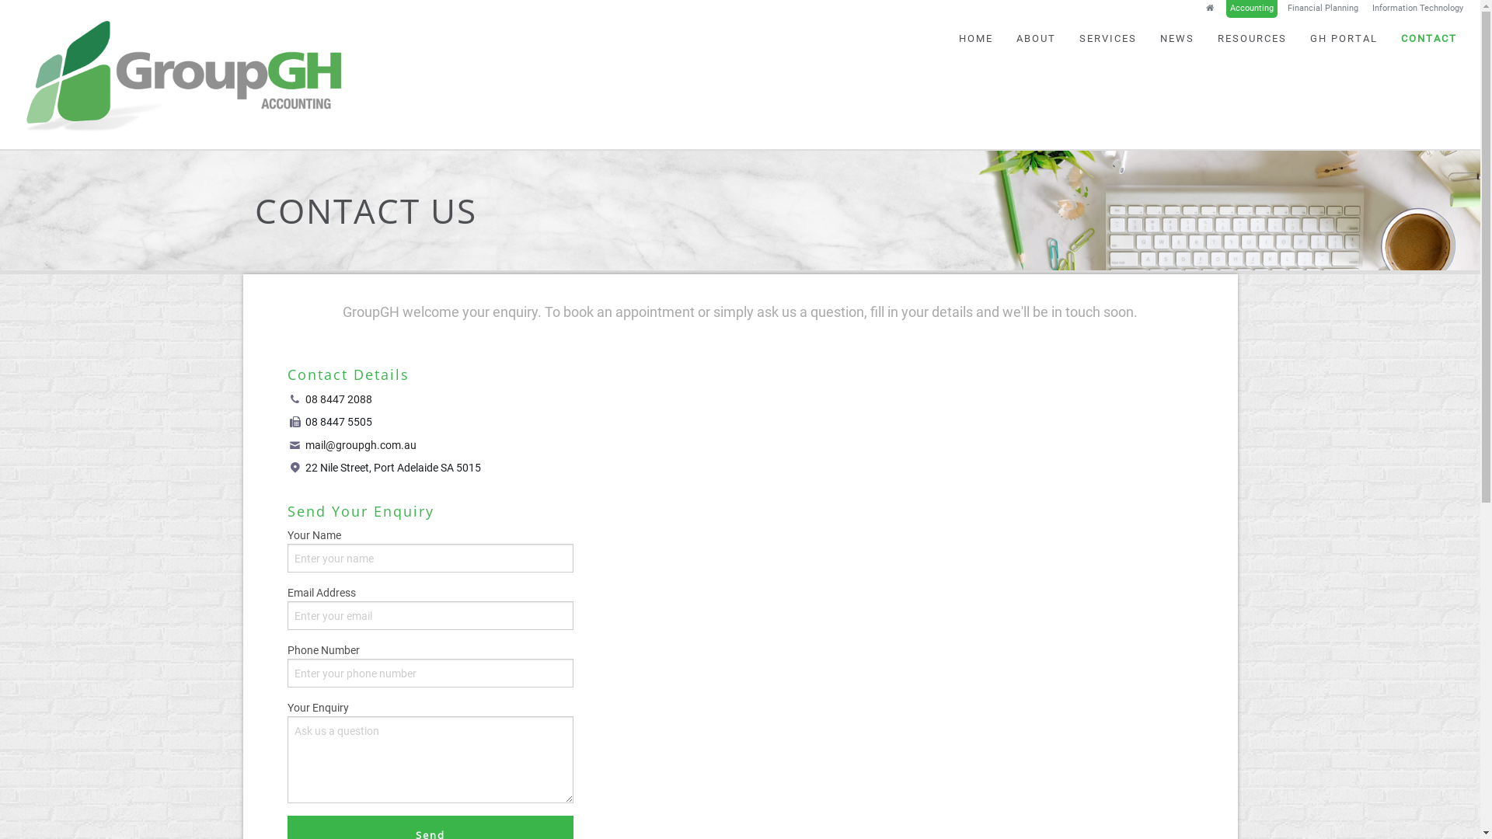 The width and height of the screenshot is (1492, 839). Describe the element at coordinates (360, 445) in the screenshot. I see `'mail@groupgh.com.au'` at that location.